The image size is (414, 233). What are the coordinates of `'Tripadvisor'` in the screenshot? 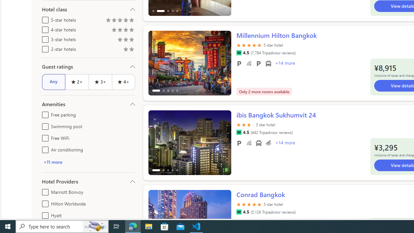 It's located at (238, 212).